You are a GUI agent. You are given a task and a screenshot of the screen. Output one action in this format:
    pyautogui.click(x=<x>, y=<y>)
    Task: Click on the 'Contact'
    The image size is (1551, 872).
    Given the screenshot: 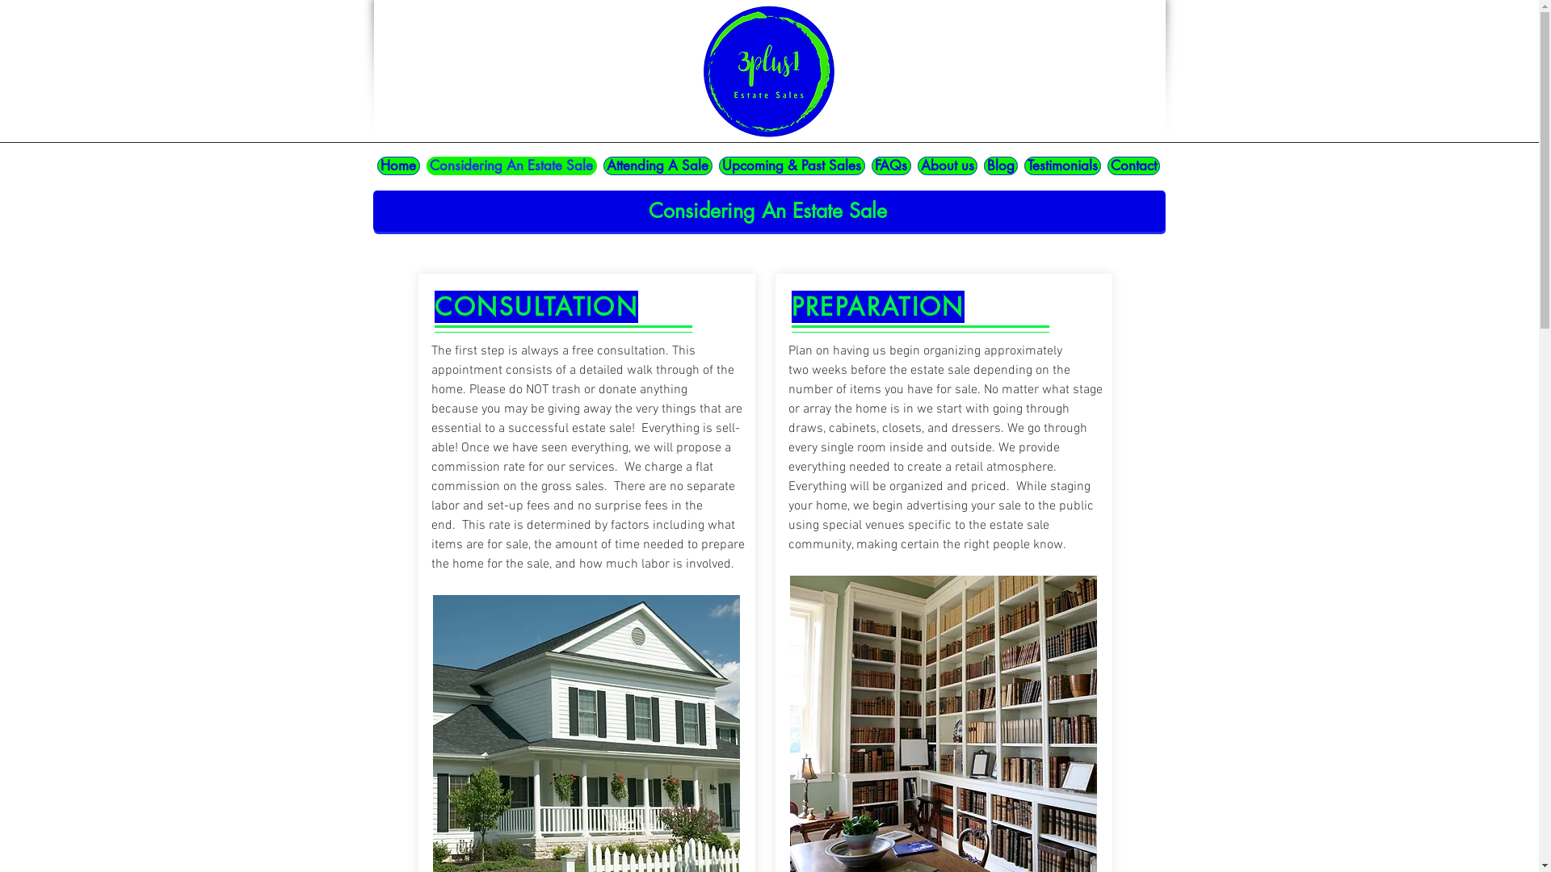 What is the action you would take?
    pyautogui.click(x=1132, y=166)
    